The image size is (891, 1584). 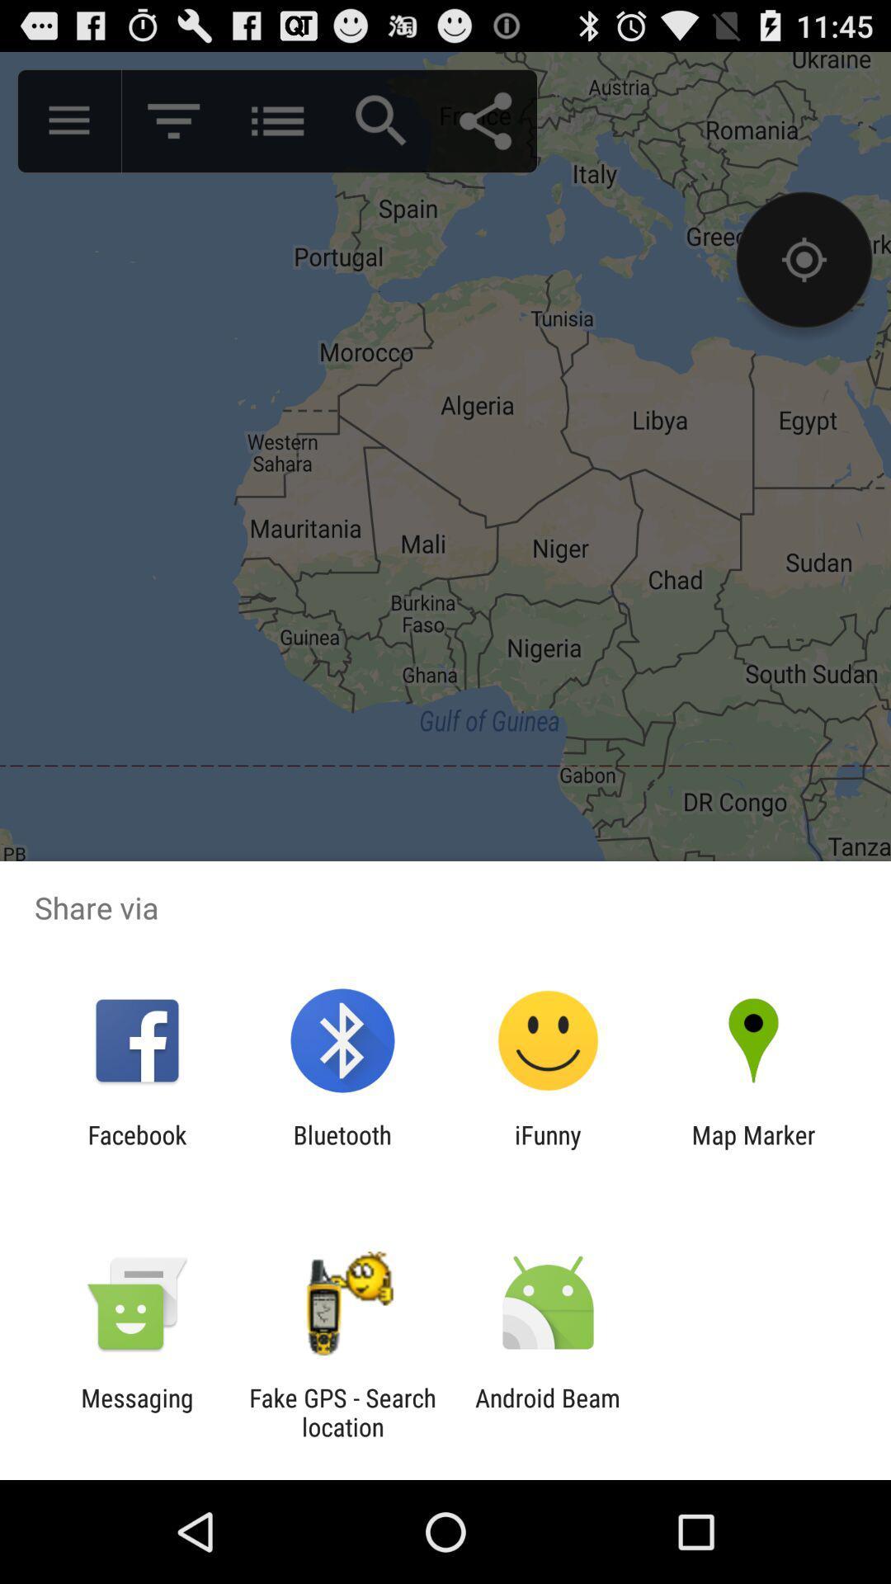 I want to click on the app to the right of messaging icon, so click(x=342, y=1412).